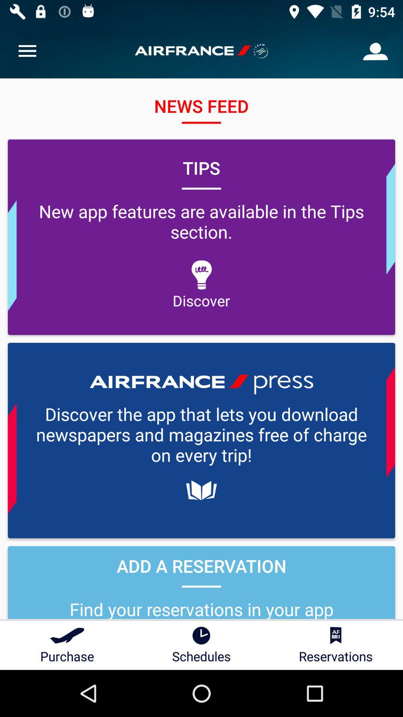 This screenshot has width=403, height=717. Describe the element at coordinates (27, 50) in the screenshot. I see `item above tips item` at that location.